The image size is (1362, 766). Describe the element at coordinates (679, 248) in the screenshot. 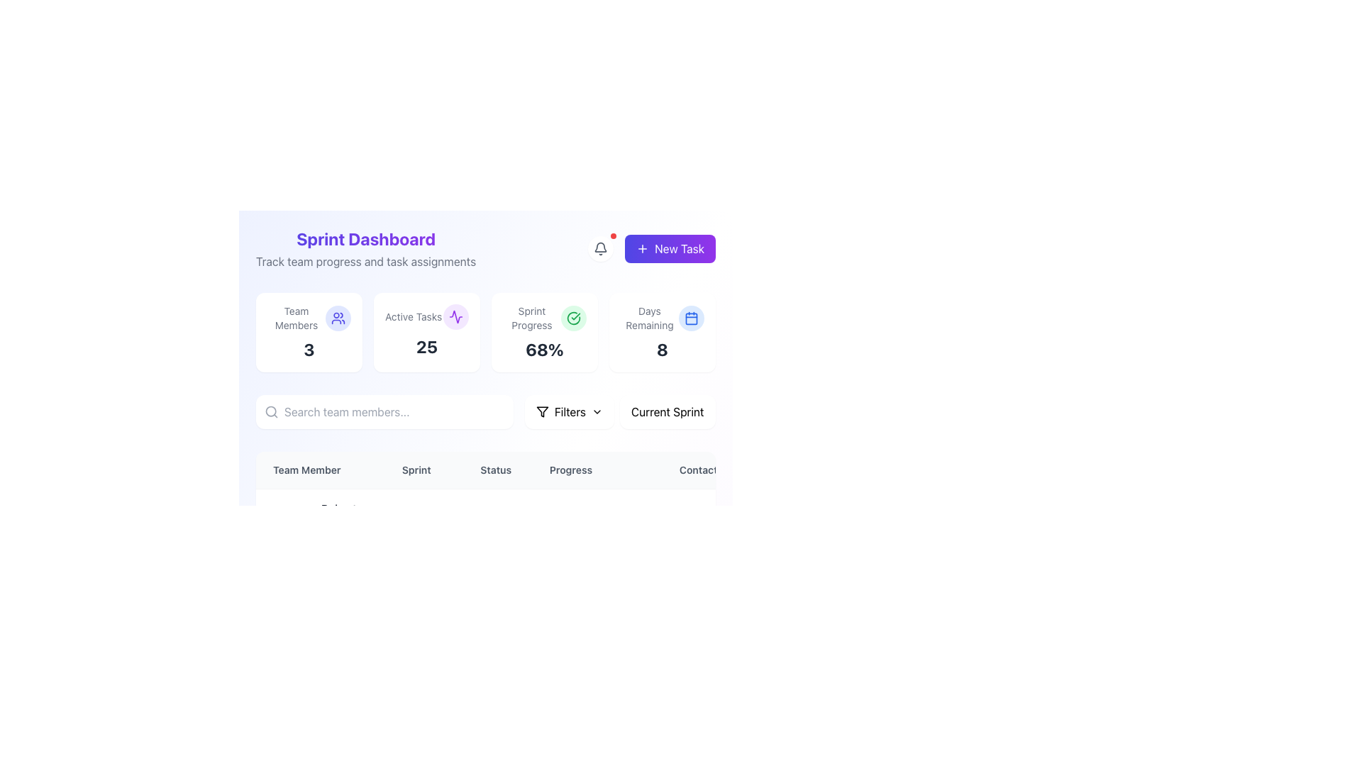

I see `the text label that indicates the creation of a new task, located in the center-right section above the main dashboard area` at that location.